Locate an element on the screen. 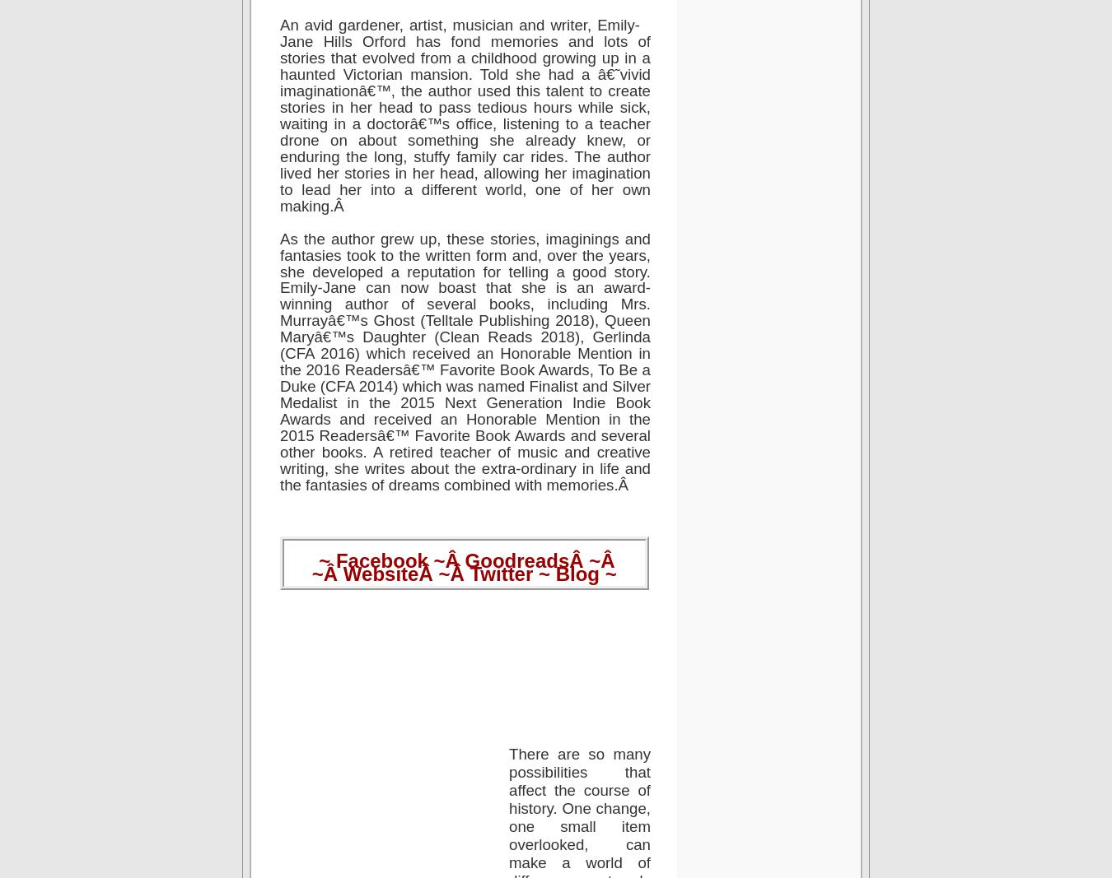 This screenshot has height=878, width=1112. 'An avid gardener, artist, musician and writer, Emily-Jane Hills Orford has fond memories and lots of stories that evolved from a childhood growing up in a haunted Victorian mansion. Told she had a â€˜vivid imaginationâ€™, the author used this talent to create stories in her head to pass tedious hours while sick, waiting in a doctorâ€™s office, listening to a teacher drone on about something she already knew, or enduring the long, stuffy family car rides. The author lived her stories in her head, allowing her imagination to lead her into a different world, one of her own making.Â' is located at coordinates (465, 114).